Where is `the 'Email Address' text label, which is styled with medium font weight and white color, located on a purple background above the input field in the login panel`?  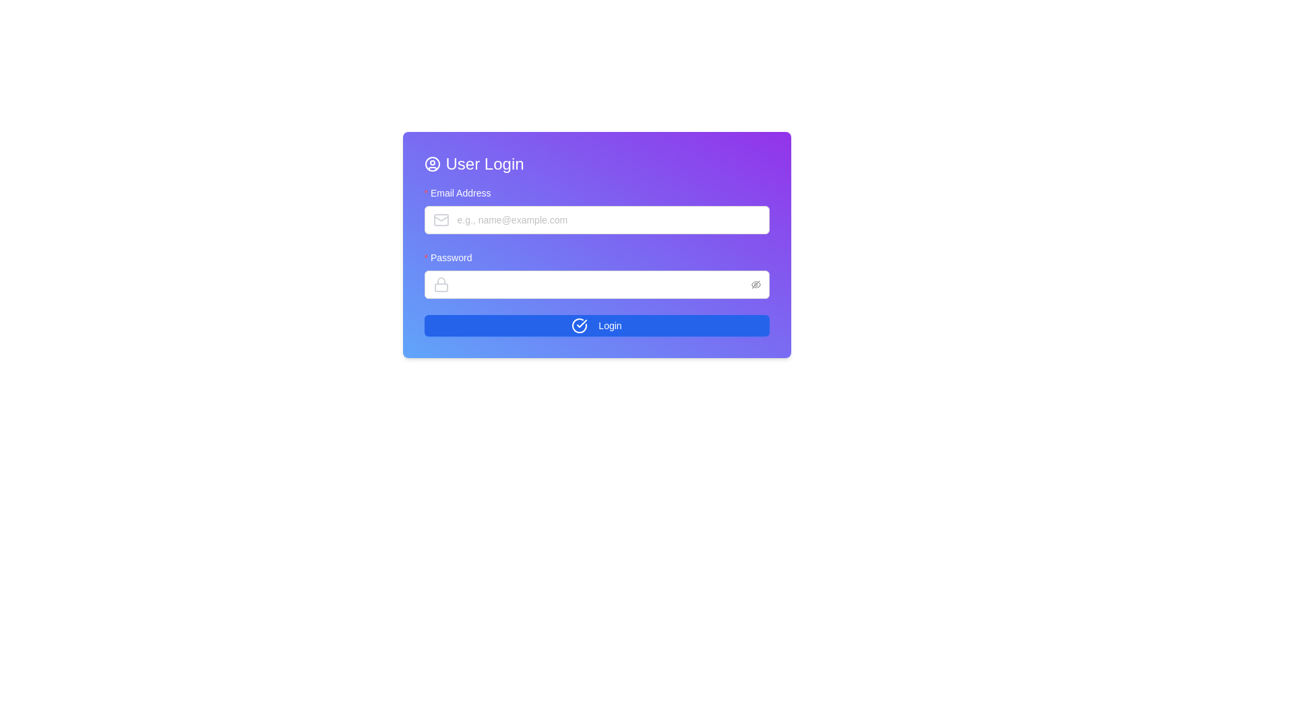
the 'Email Address' text label, which is styled with medium font weight and white color, located on a purple background above the input field in the login panel is located at coordinates (462, 193).